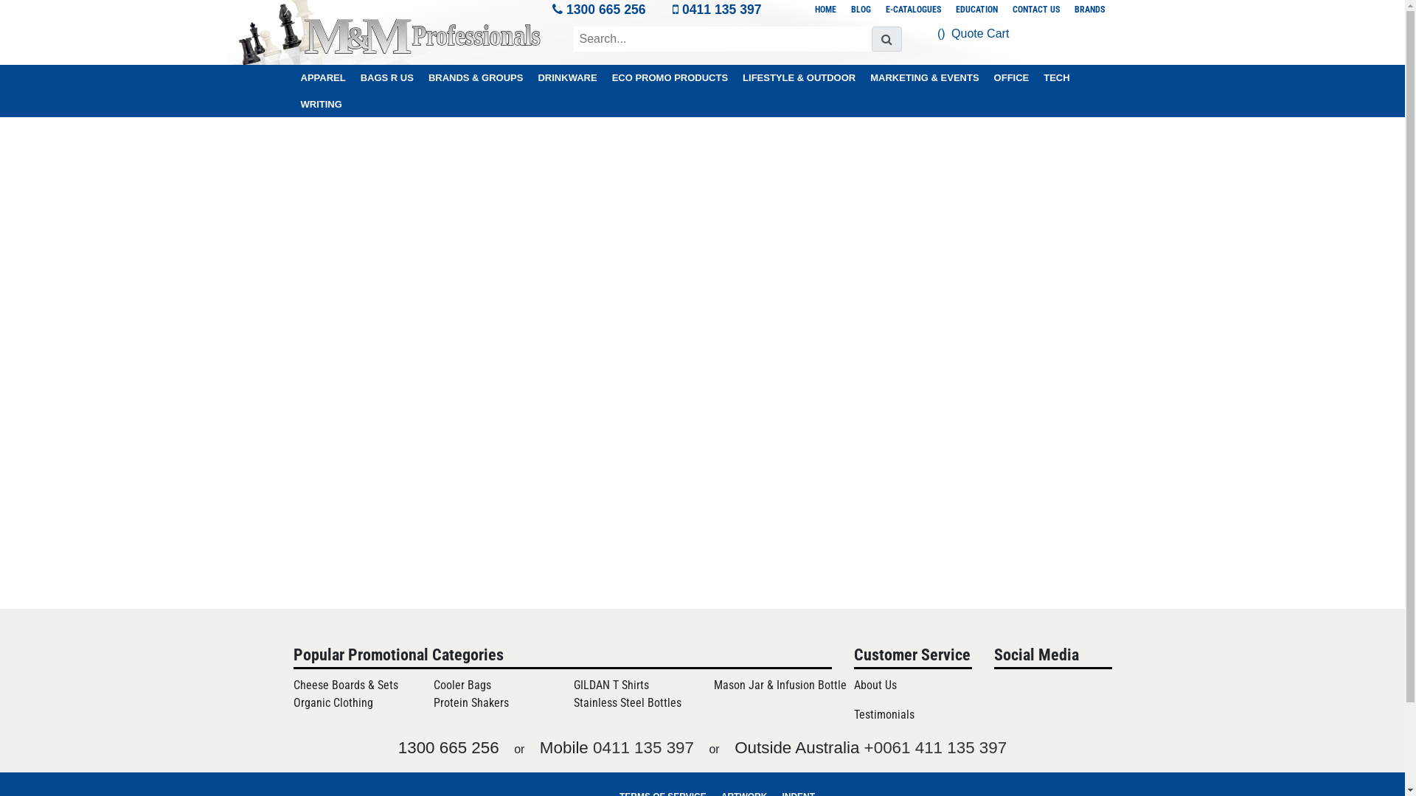 The height and width of the screenshot is (796, 1416). I want to click on 'About Us', so click(853, 685).